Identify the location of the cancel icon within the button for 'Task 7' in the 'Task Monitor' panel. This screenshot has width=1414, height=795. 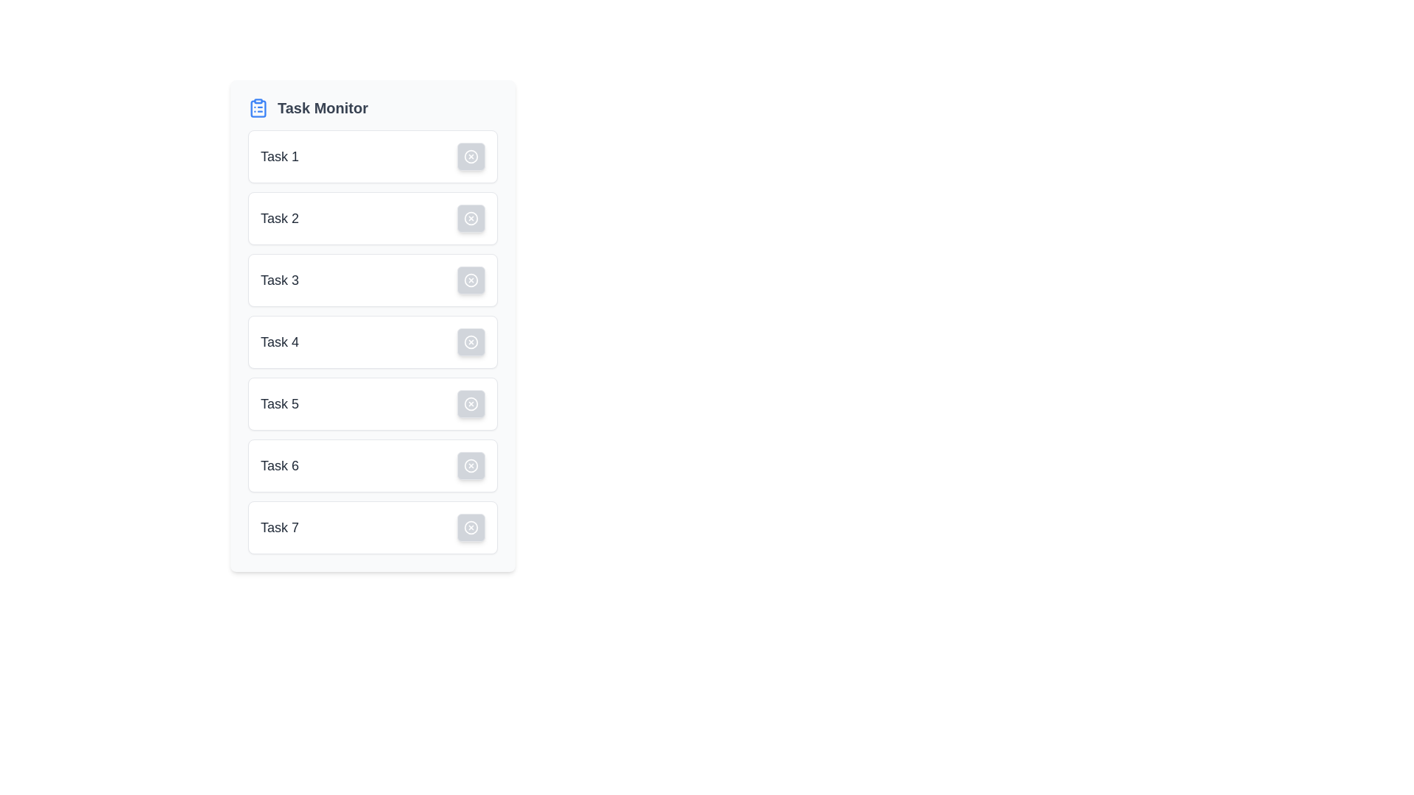
(470, 527).